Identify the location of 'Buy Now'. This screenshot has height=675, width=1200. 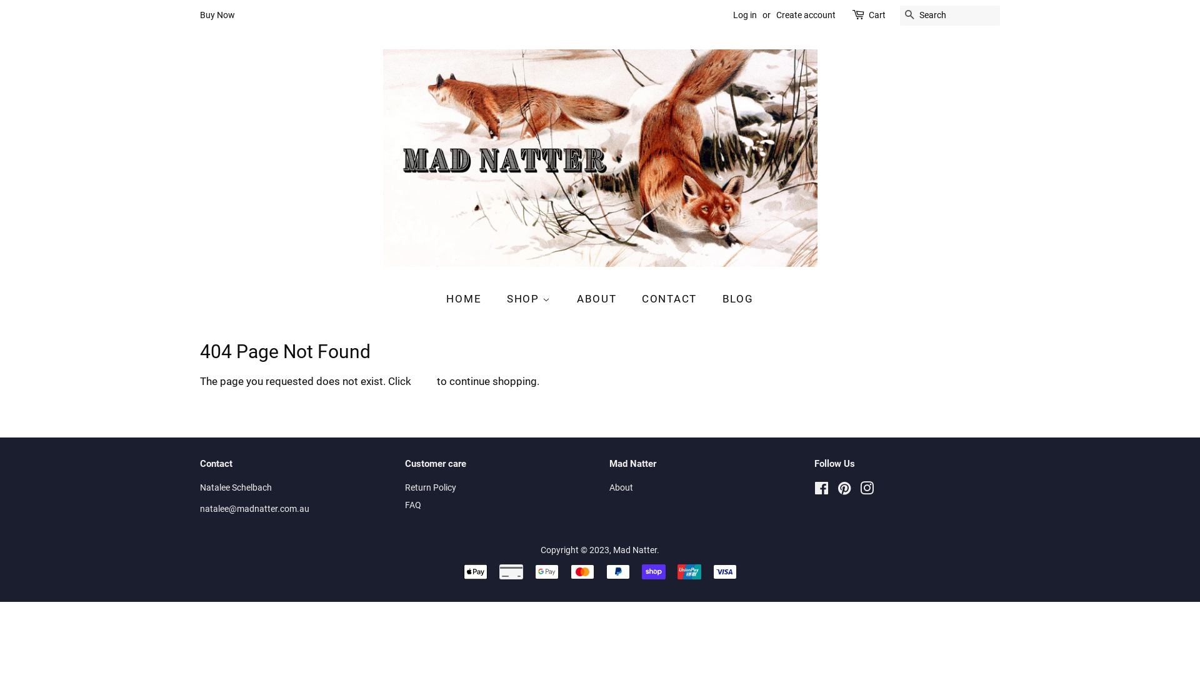
(217, 14).